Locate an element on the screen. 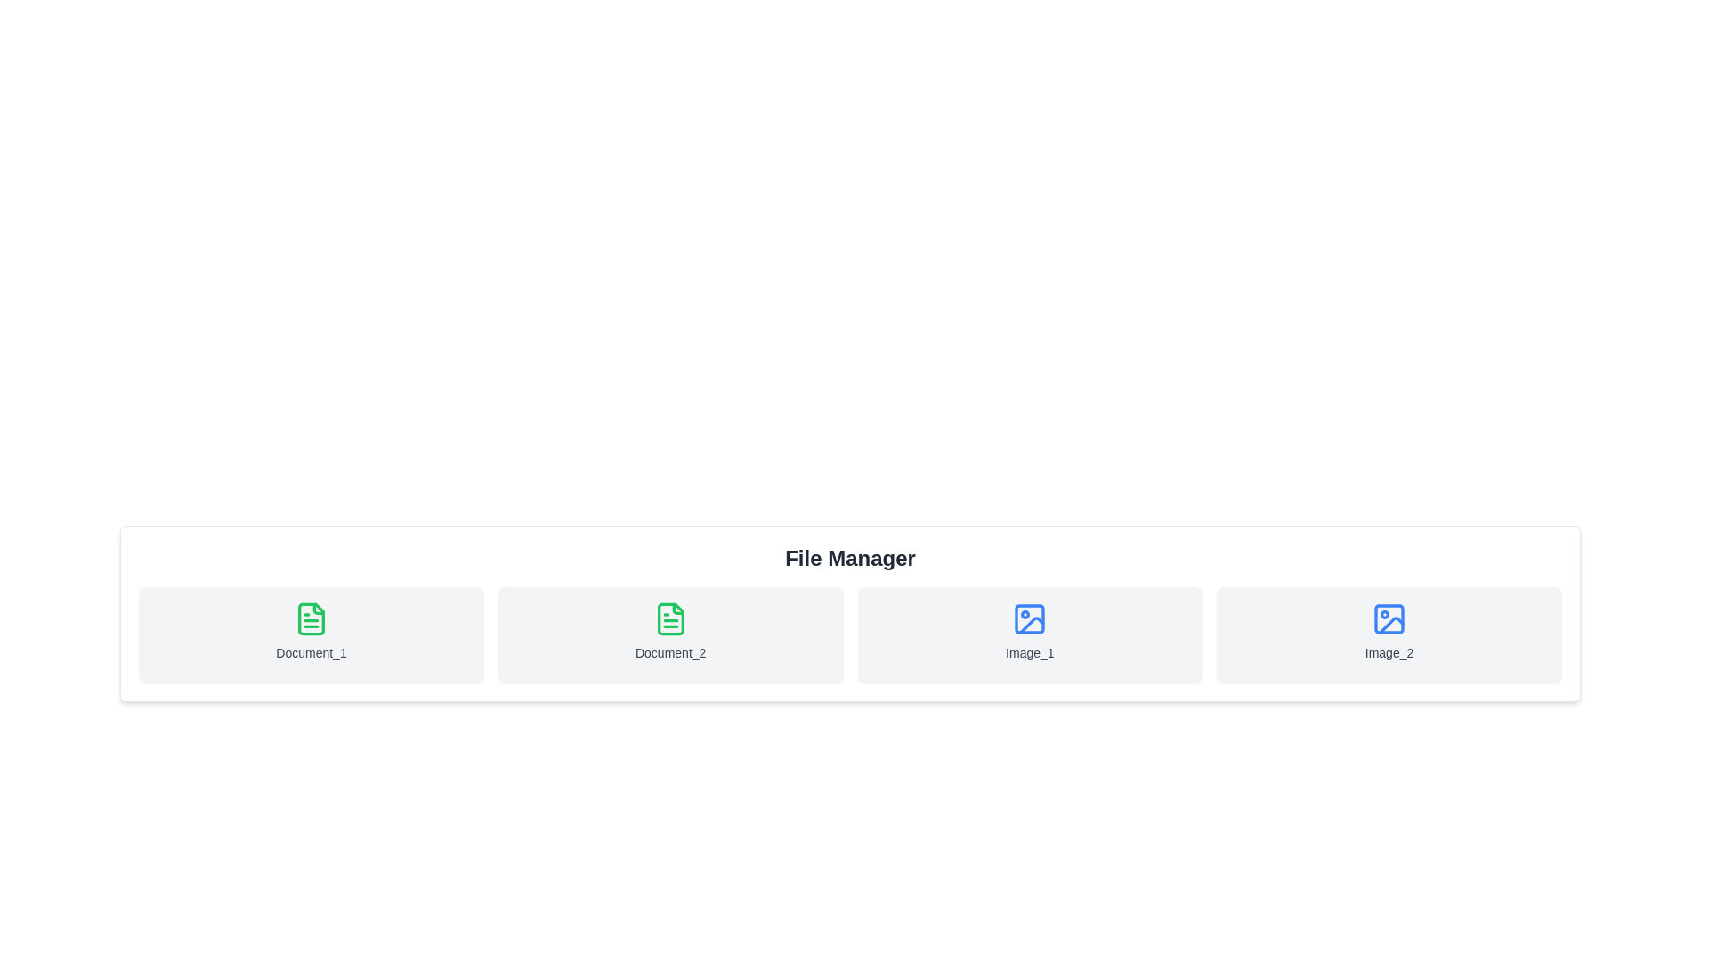 This screenshot has height=961, width=1709. the document icon representing 'Document_1' is located at coordinates (312, 618).